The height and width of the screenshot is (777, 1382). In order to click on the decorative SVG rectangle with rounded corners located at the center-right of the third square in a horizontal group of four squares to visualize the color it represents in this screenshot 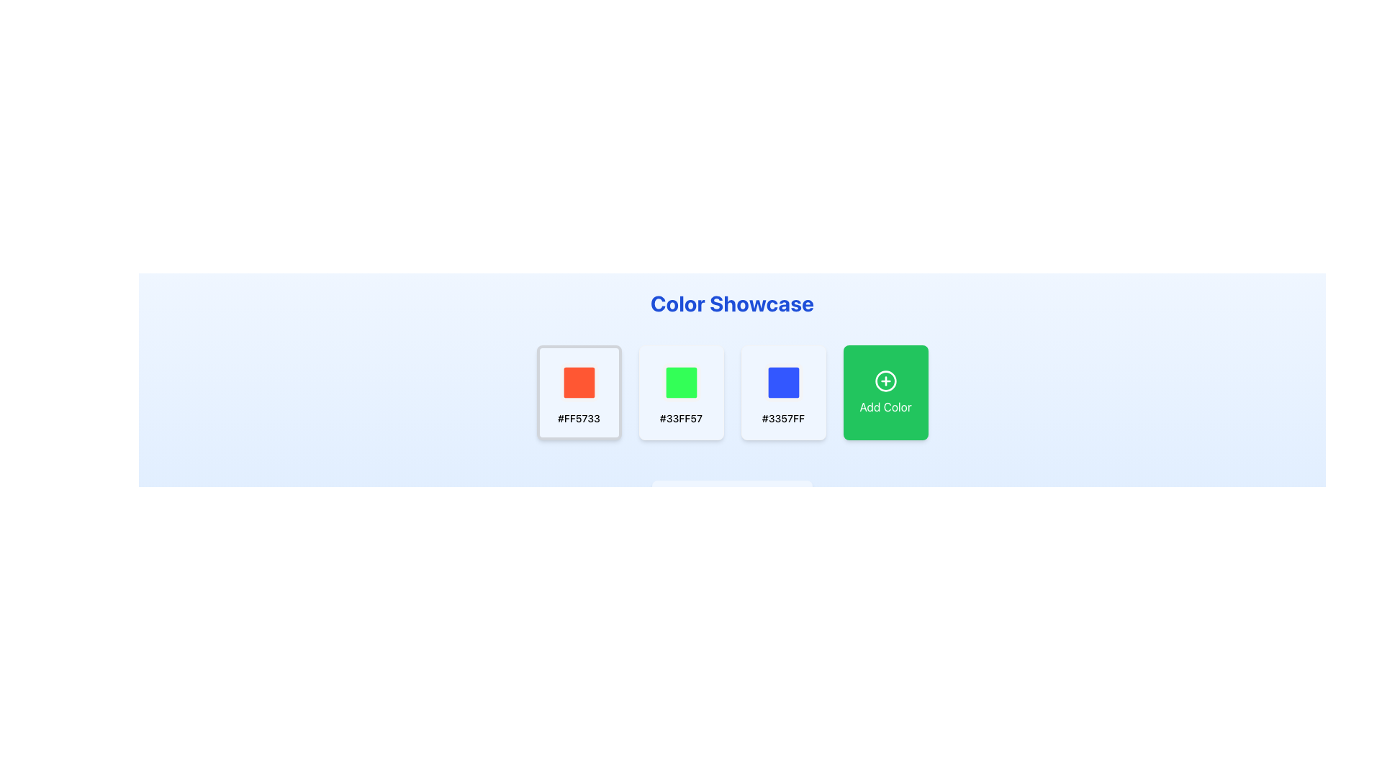, I will do `click(782, 382)`.